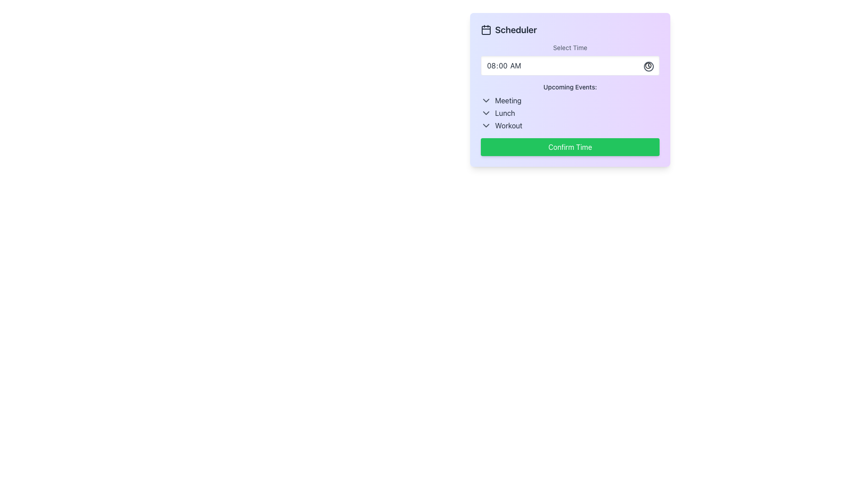  I want to click on the static text label that serves as a title or header for the upcoming events list, located at the upper section of the panel, so click(570, 87).